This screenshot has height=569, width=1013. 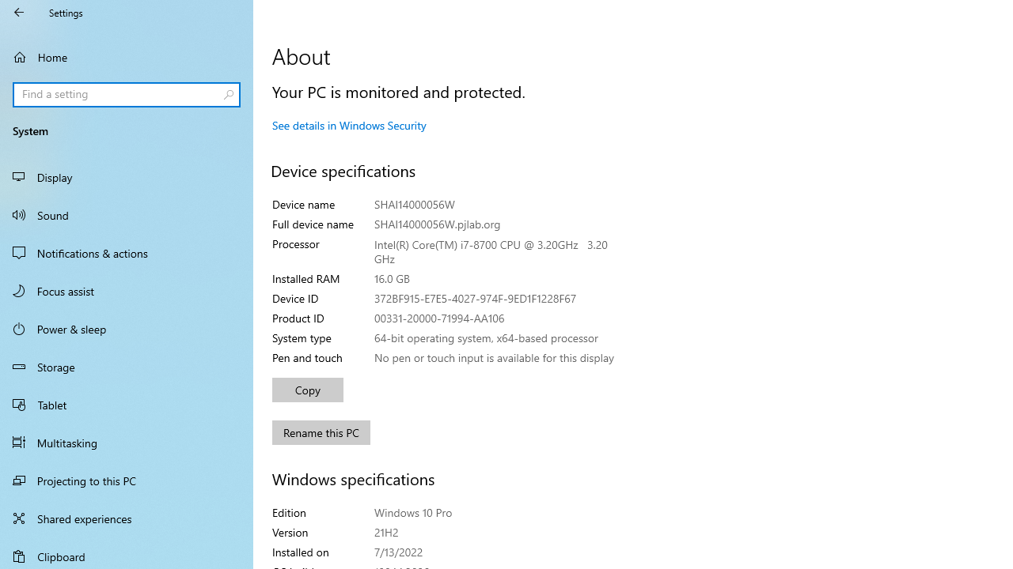 I want to click on 'Rename this PC', so click(x=321, y=432).